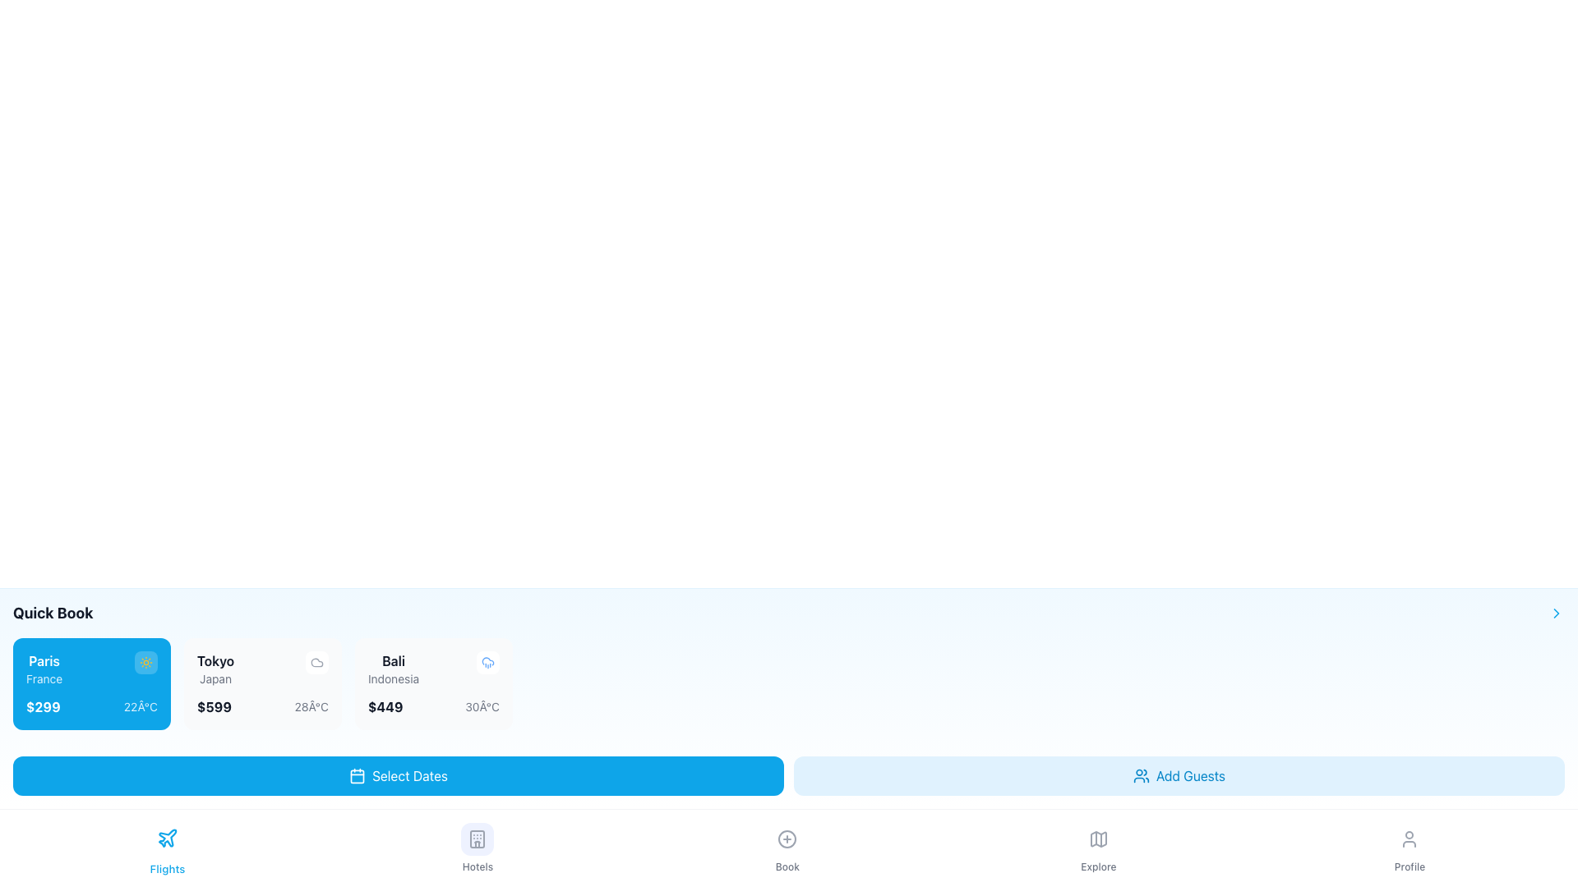  I want to click on the label identifying Tokyo, Japan as a destination in the Quick Book section, which is positioned between the labels for Paris, France and Bali, Indonesia, so click(215, 669).